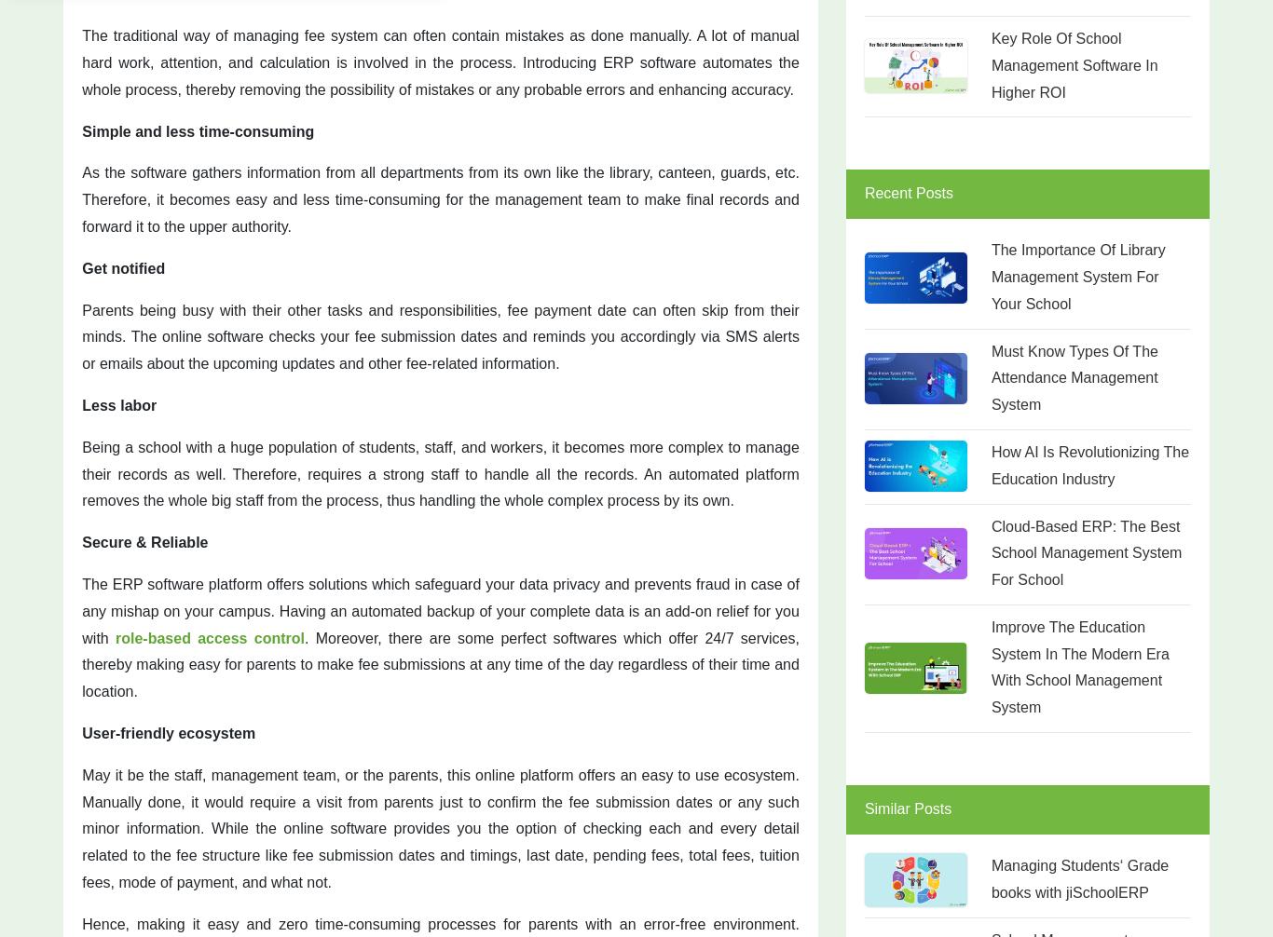  What do you see at coordinates (440, 473) in the screenshot?
I see `'Being a school with a huge population of students, staff, and workers, it becomes more complex to manage their records as well. Therefore, requires a strong staff to handle all the records. An automated platform removes the whole big staff from the process, thus handling the whole complex process by its own.'` at bounding box center [440, 473].